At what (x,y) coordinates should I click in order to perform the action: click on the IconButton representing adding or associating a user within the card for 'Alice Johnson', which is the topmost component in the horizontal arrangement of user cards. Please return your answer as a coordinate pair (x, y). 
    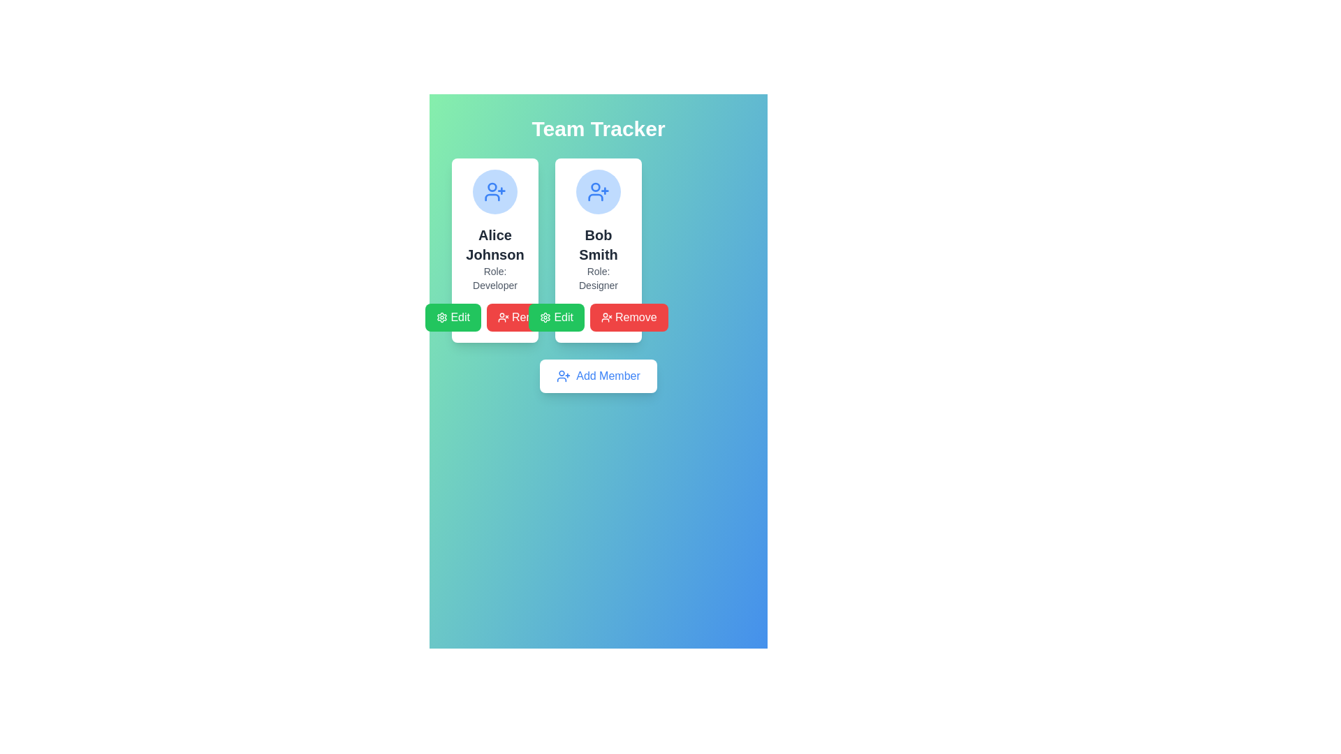
    Looking at the image, I should click on (495, 191).